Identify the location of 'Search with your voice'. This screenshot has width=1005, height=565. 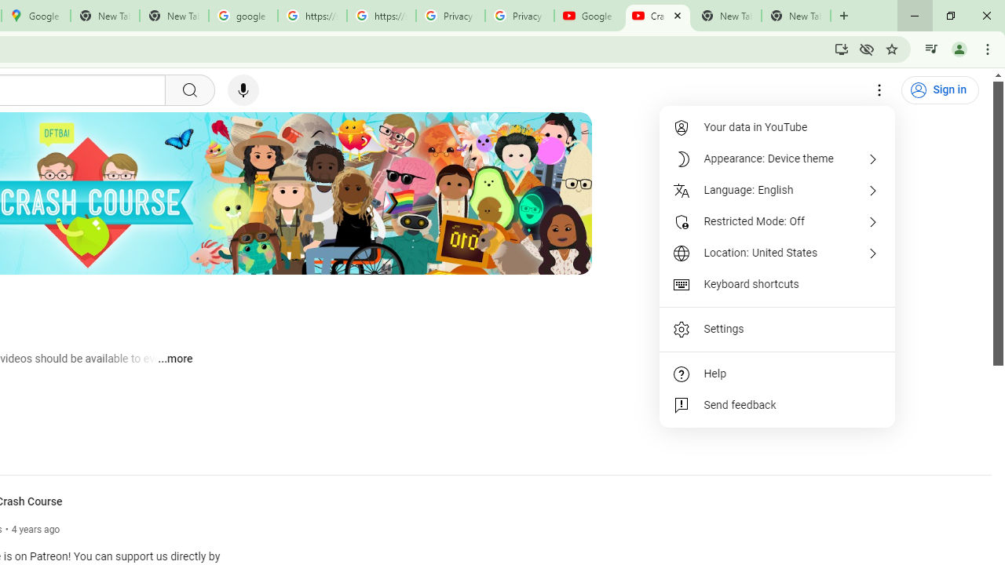
(242, 90).